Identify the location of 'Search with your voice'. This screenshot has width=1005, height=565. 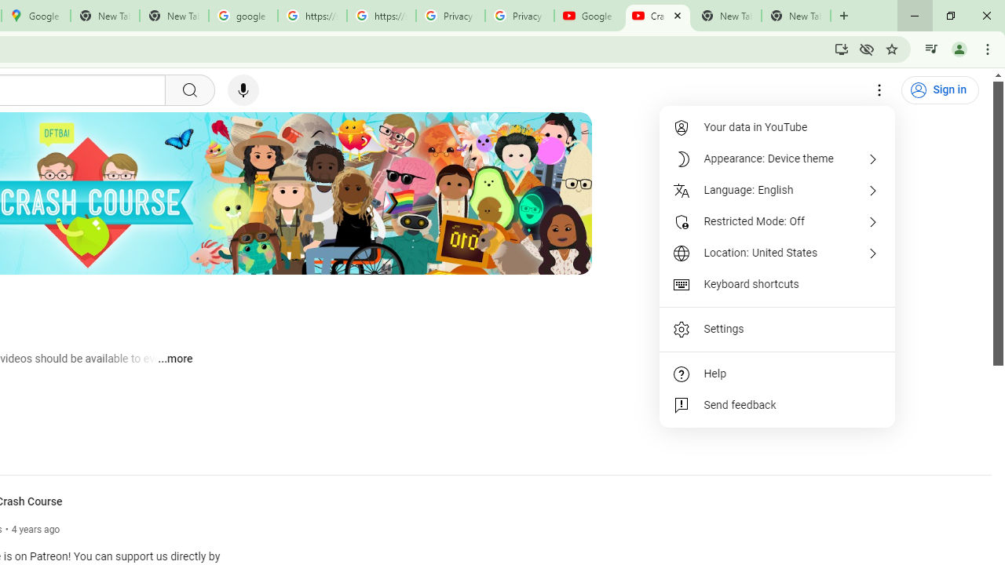
(242, 90).